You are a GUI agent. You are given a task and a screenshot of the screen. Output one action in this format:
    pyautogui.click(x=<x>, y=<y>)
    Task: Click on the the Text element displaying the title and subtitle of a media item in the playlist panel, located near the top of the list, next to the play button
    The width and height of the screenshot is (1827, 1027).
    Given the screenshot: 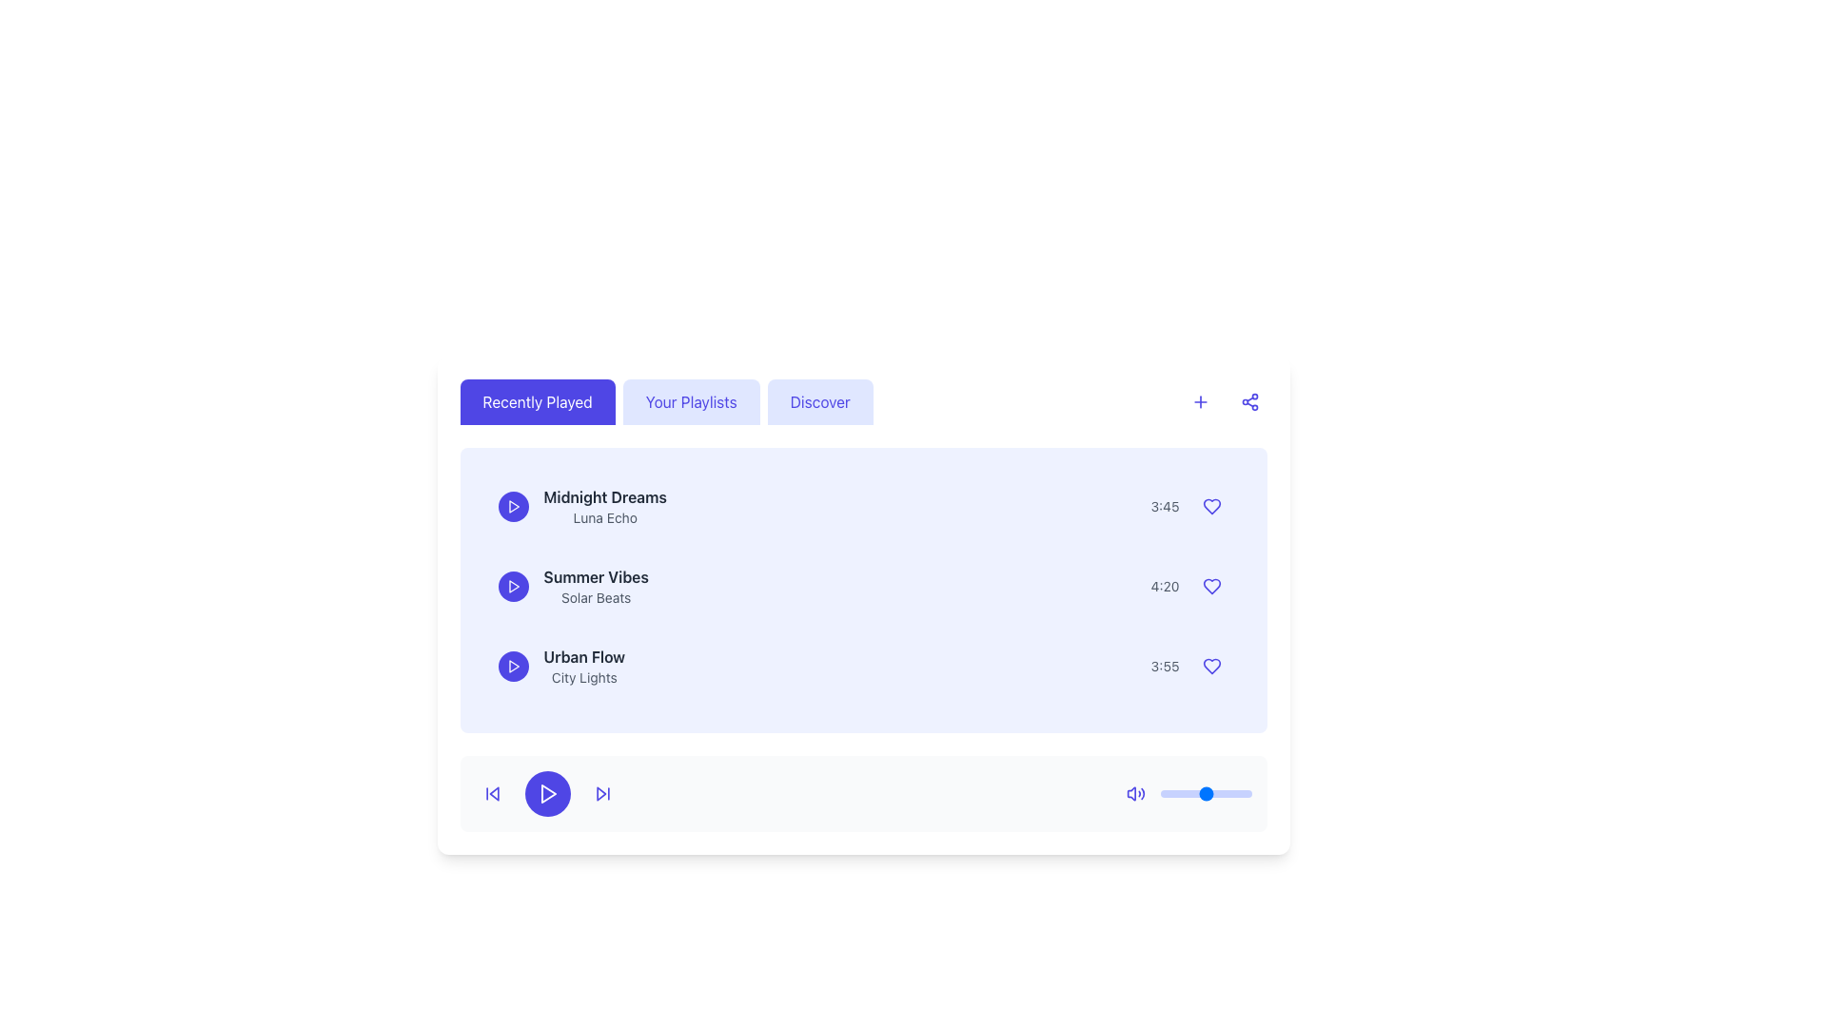 What is the action you would take?
    pyautogui.click(x=604, y=505)
    